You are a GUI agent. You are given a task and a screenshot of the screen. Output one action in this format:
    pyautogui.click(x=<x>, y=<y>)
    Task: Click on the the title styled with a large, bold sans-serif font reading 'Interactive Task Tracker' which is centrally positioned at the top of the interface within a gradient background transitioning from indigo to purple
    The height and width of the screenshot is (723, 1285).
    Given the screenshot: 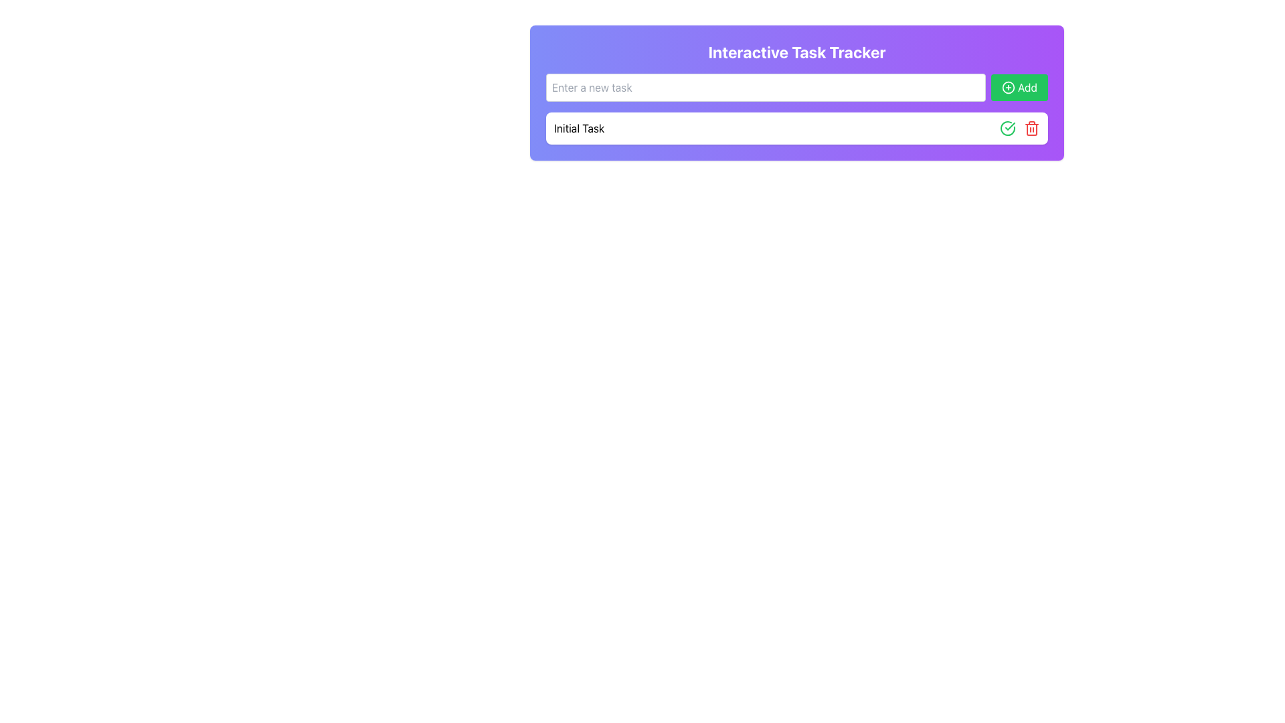 What is the action you would take?
    pyautogui.click(x=796, y=51)
    